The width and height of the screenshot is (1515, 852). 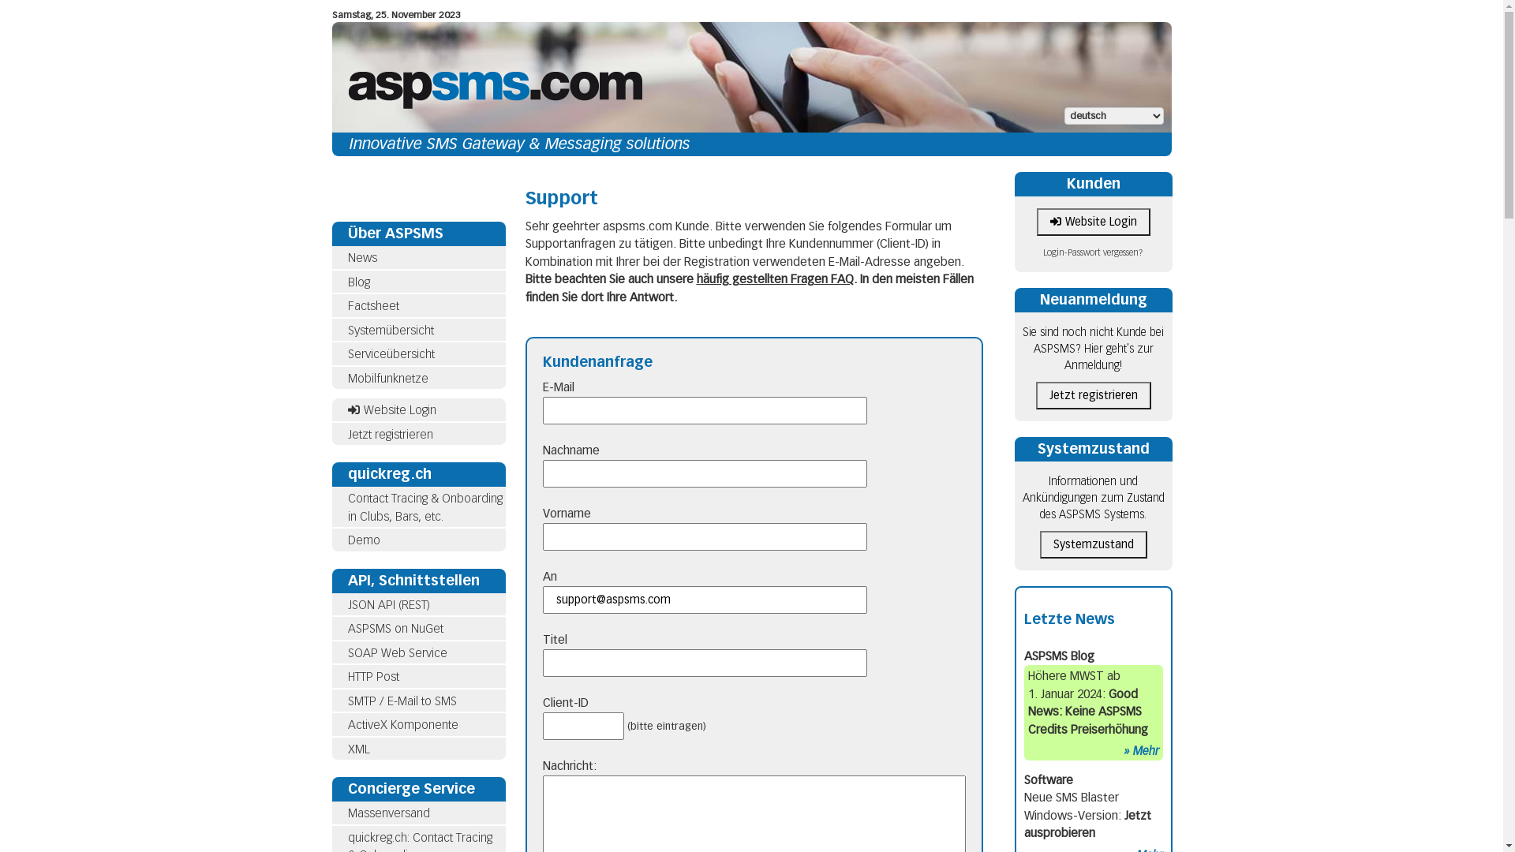 I want to click on 'SOAP Web Service', so click(x=417, y=652).